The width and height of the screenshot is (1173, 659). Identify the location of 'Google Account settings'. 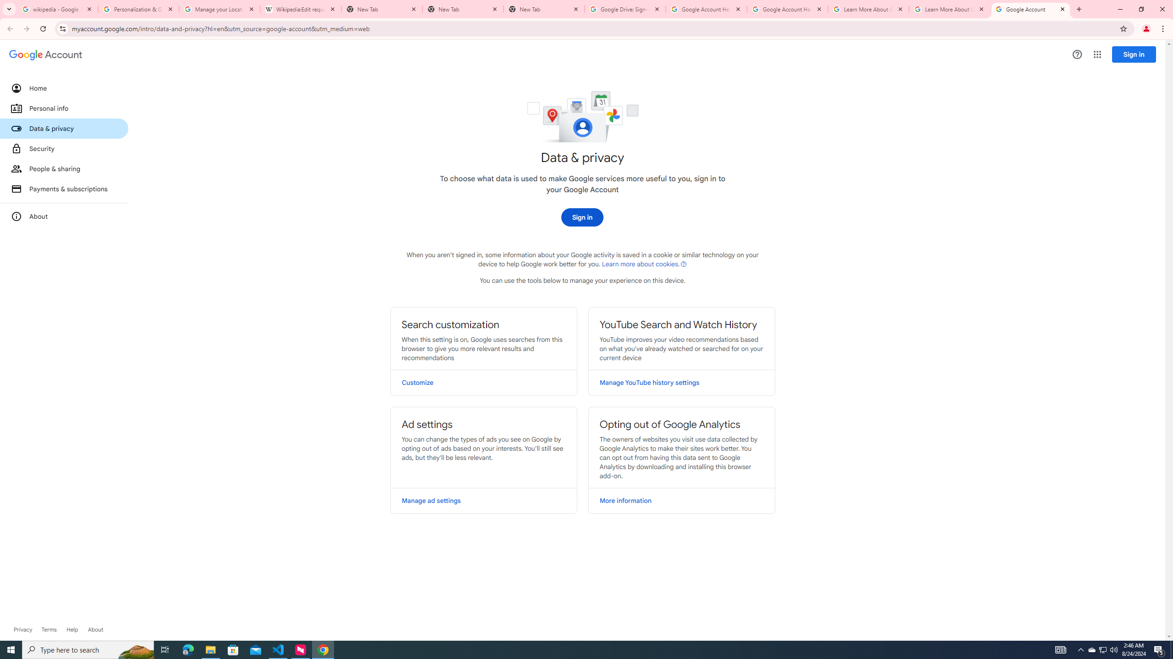
(45, 54).